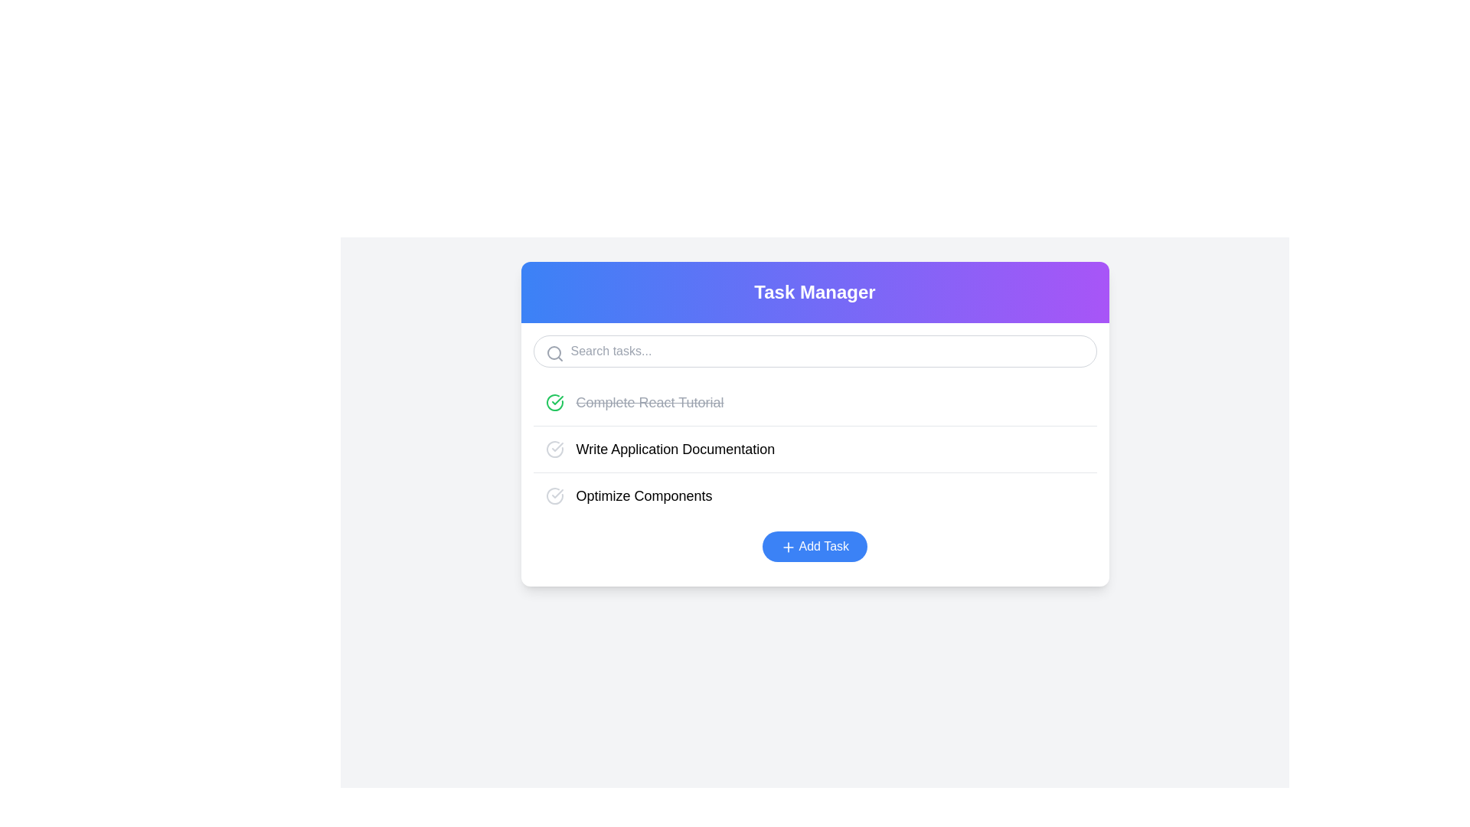  I want to click on the first completed task item in the task manager application, which visually indicates its completed status, so click(814, 401).